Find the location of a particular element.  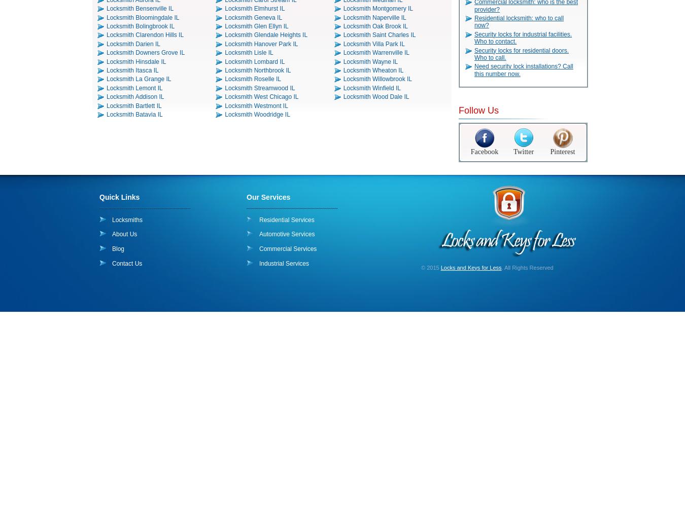

'Twitter' is located at coordinates (523, 151).